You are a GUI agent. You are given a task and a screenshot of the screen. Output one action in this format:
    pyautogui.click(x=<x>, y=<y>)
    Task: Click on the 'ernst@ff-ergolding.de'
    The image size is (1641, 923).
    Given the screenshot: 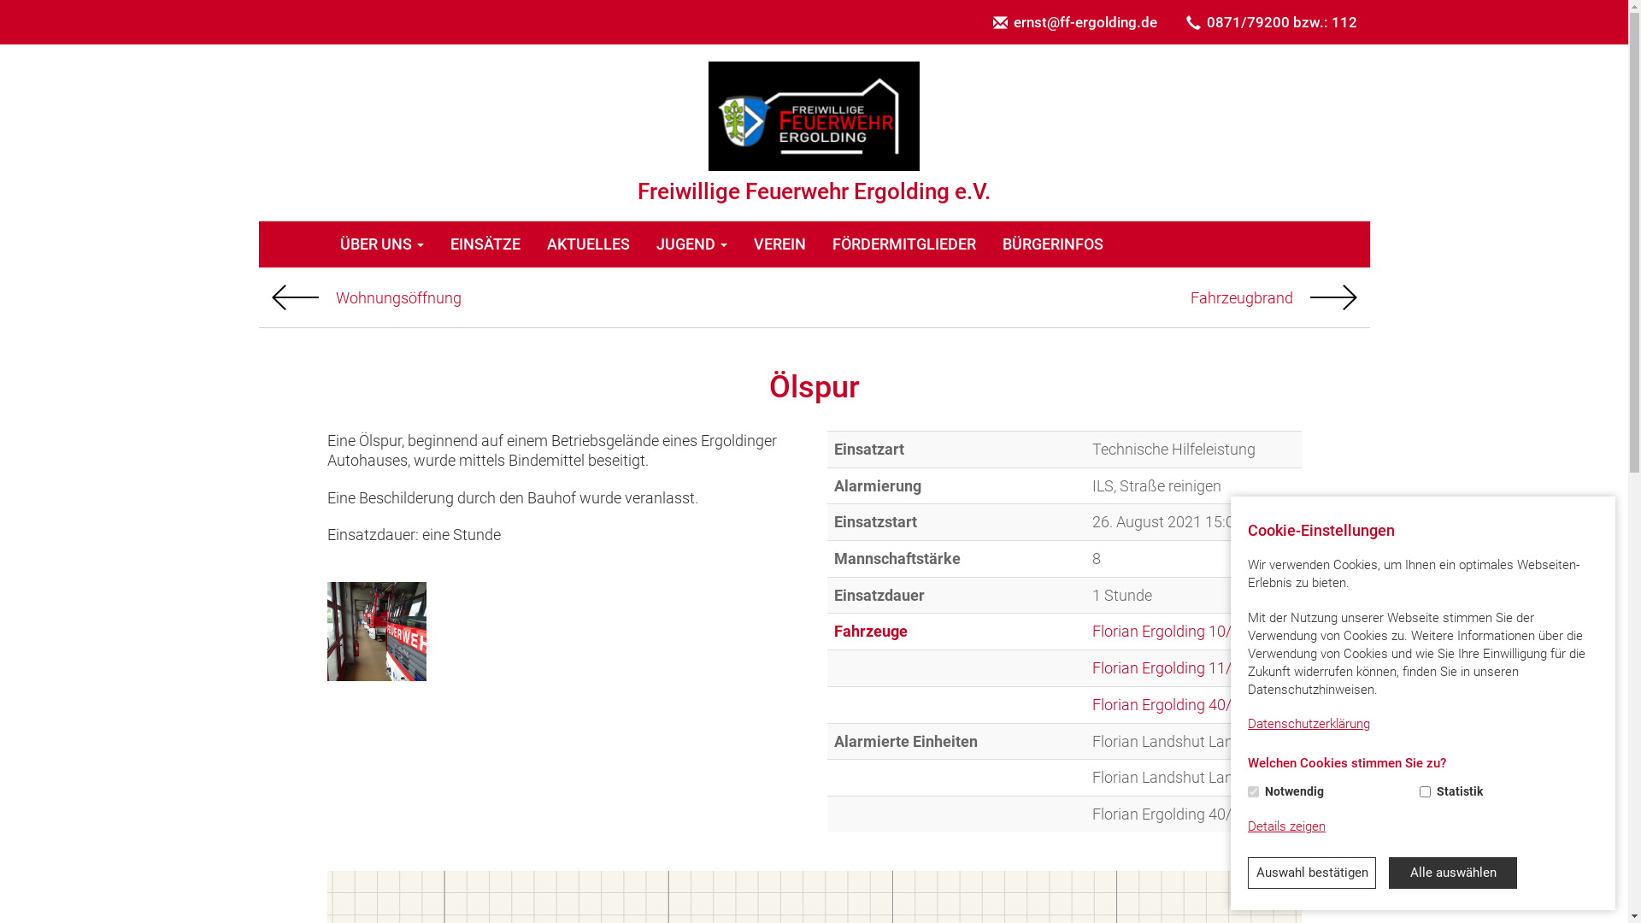 What is the action you would take?
    pyautogui.click(x=979, y=22)
    